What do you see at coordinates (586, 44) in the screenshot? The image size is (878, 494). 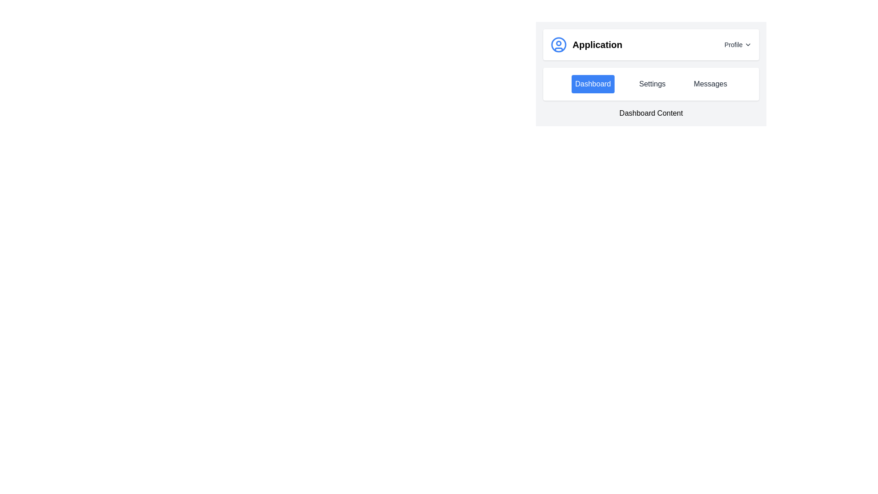 I see `the non-interactive label located at the top-left corner of the header section of the application interface` at bounding box center [586, 44].